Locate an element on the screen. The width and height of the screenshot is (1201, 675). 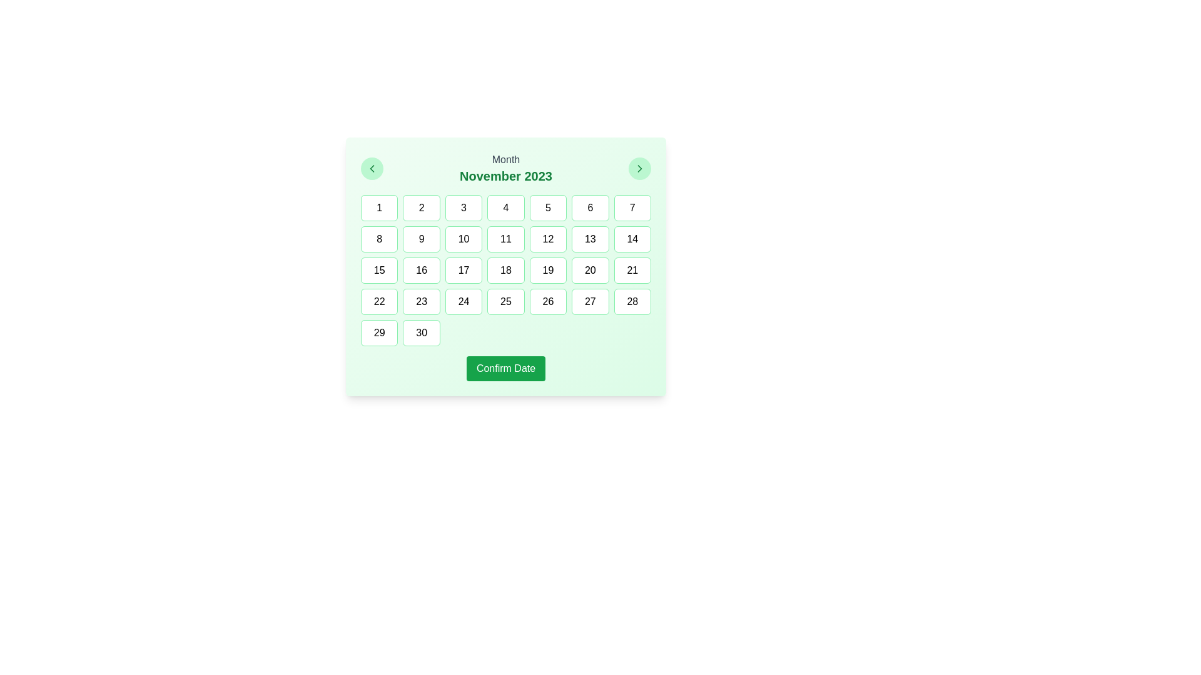
the green 'Confirm Date' button located at the bottom-center of the calendar interface is located at coordinates (506, 368).